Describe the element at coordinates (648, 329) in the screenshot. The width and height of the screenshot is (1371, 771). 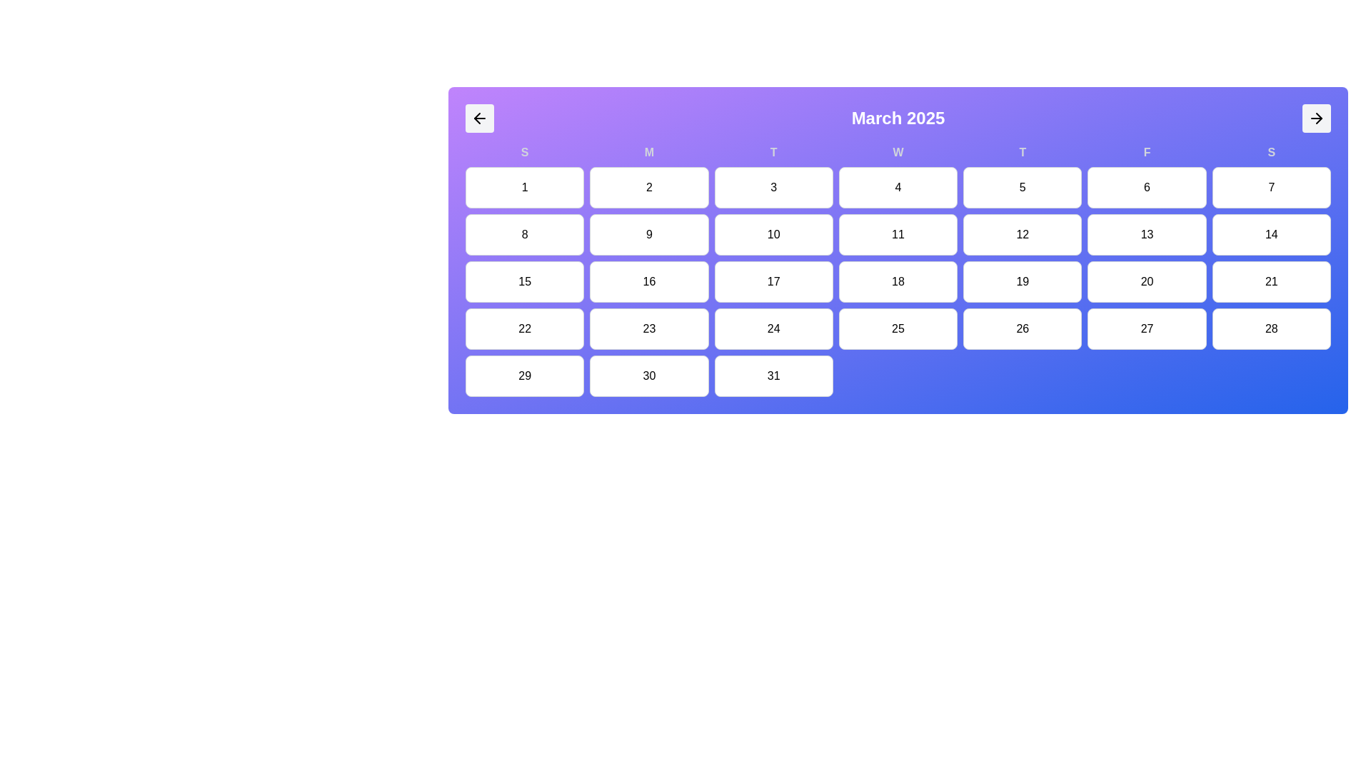
I see `the calendar day cell representing the 23rd of the month, located in the fifth row and second column under the 'M' label` at that location.